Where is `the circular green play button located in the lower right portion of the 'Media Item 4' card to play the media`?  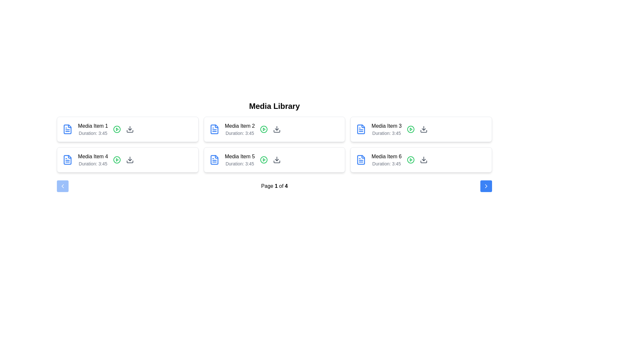
the circular green play button located in the lower right portion of the 'Media Item 4' card to play the media is located at coordinates (117, 160).